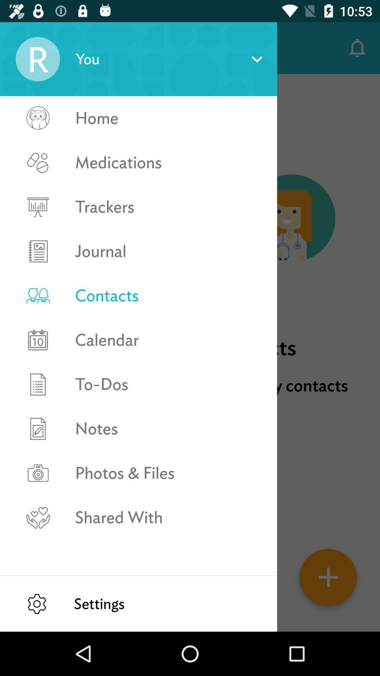  What do you see at coordinates (169, 206) in the screenshot?
I see `icon above journal item` at bounding box center [169, 206].